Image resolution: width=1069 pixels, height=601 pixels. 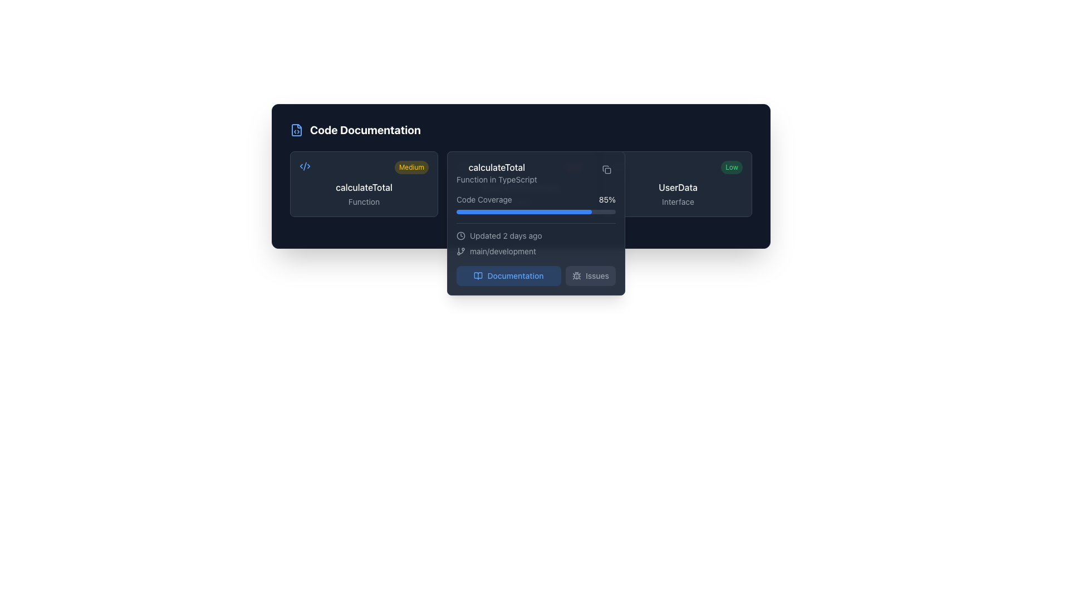 I want to click on the text label 'Interface' which is formatted in light gray and positioned beneath the 'UserData' label in a card, so click(x=678, y=201).